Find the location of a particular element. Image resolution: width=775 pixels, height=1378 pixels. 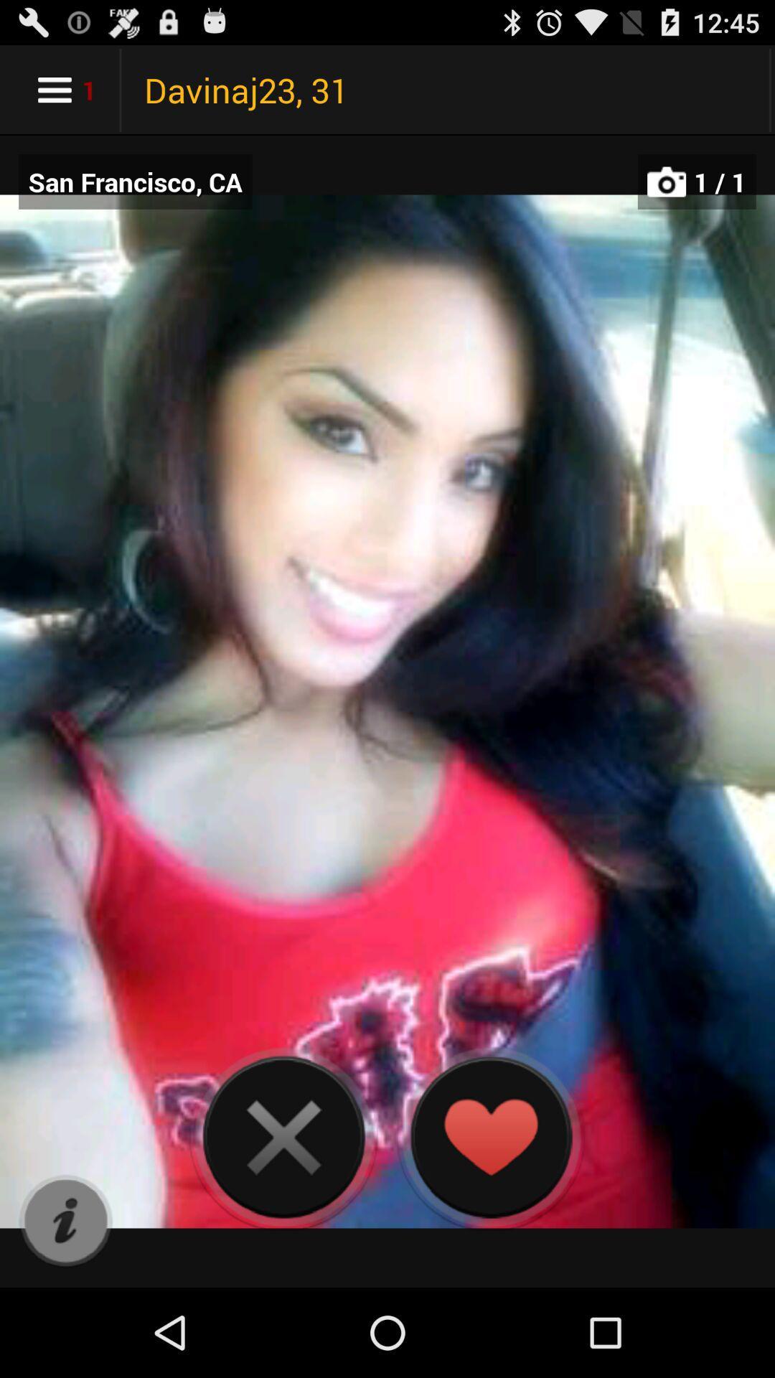

the app below the san francisco, ca app is located at coordinates (65, 1221).